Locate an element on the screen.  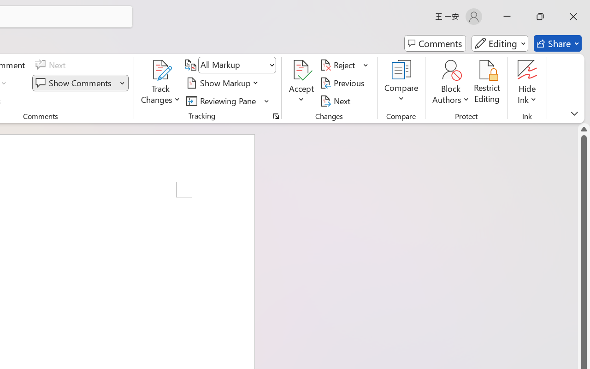
'Track Changes' is located at coordinates (161, 83).